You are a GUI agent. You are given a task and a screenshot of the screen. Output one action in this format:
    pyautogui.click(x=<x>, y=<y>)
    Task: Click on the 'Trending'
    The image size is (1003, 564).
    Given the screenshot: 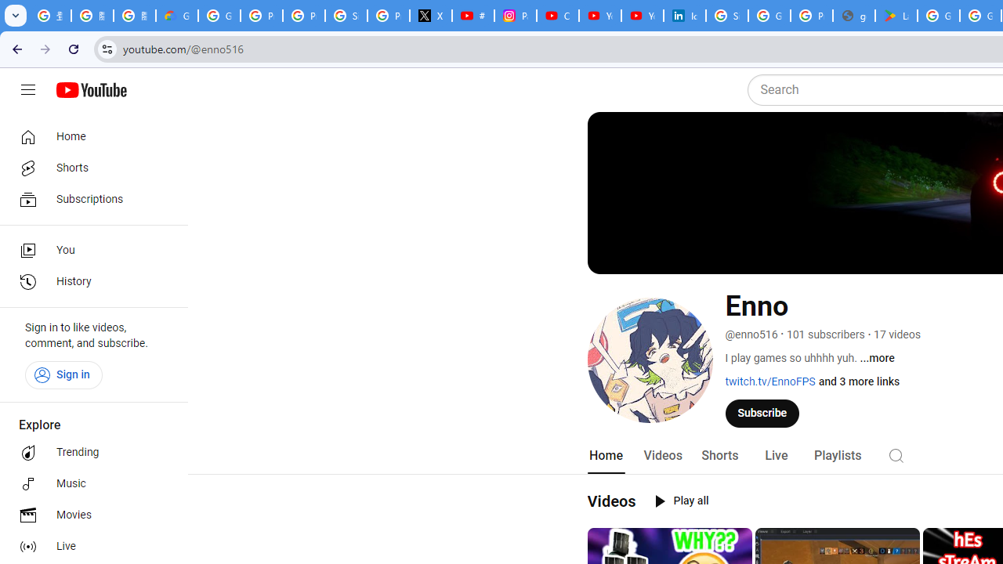 What is the action you would take?
    pyautogui.click(x=88, y=453)
    